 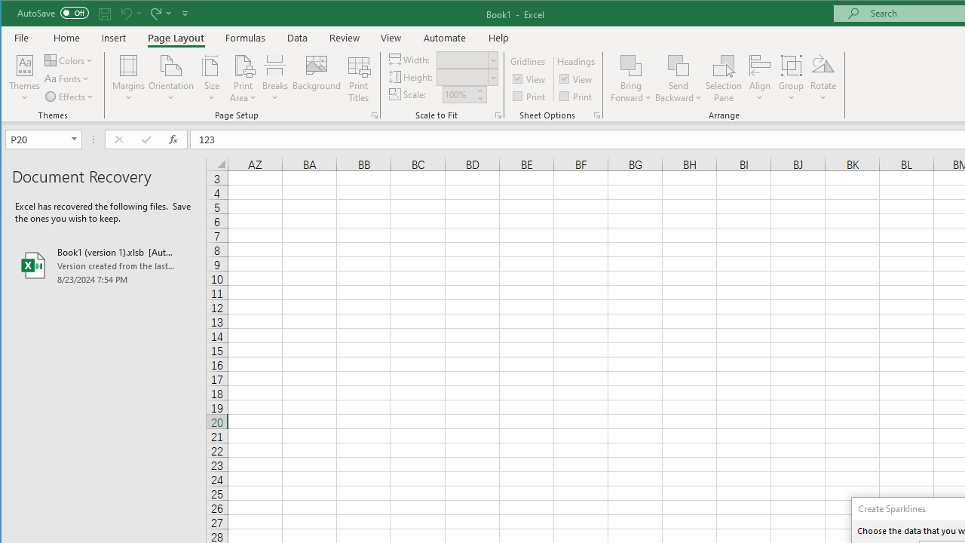 I want to click on 'Width', so click(x=466, y=59).